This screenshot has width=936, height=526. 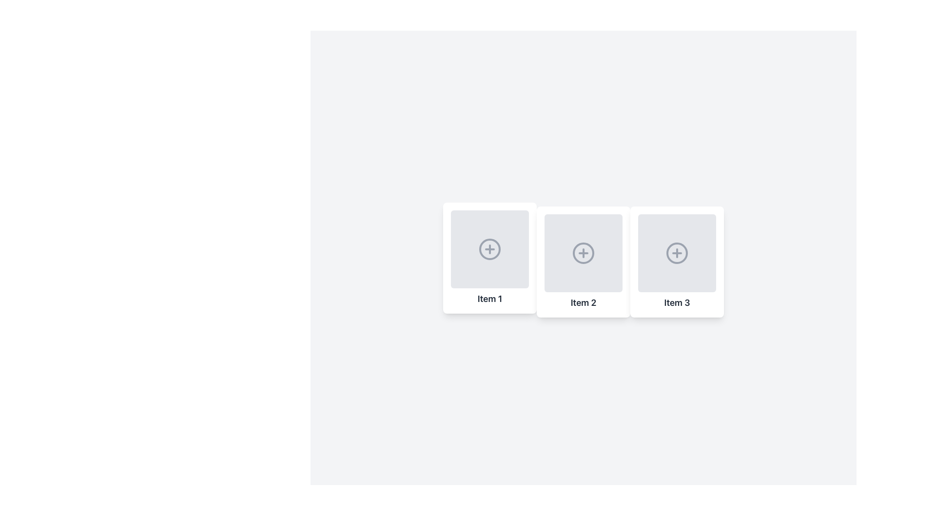 What do you see at coordinates (676, 252) in the screenshot?
I see `the circular icon button with a plus sign (+) located in the third card labeled 'Item 3'` at bounding box center [676, 252].